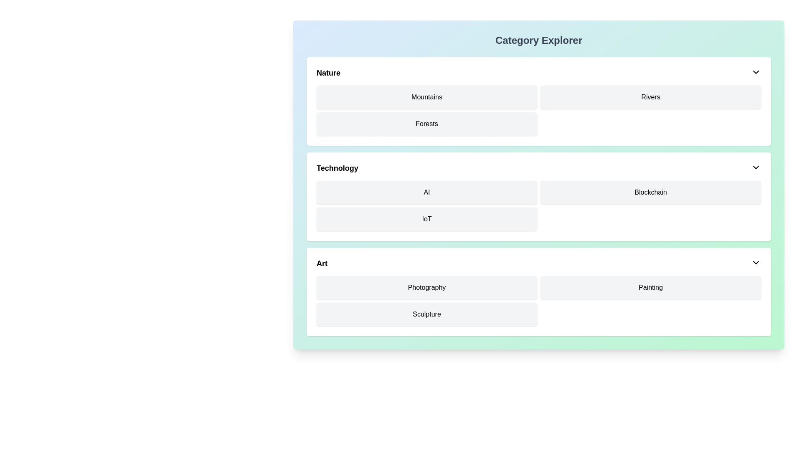 The height and width of the screenshot is (451, 802). What do you see at coordinates (427, 96) in the screenshot?
I see `the 'Mountains' button, which has a light-gray background and displays the text 'Mountains' centered within it` at bounding box center [427, 96].